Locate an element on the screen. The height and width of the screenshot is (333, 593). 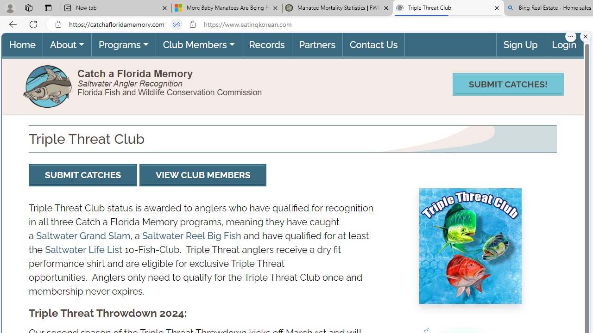
'Triple Threat Club image' is located at coordinates (470, 245).